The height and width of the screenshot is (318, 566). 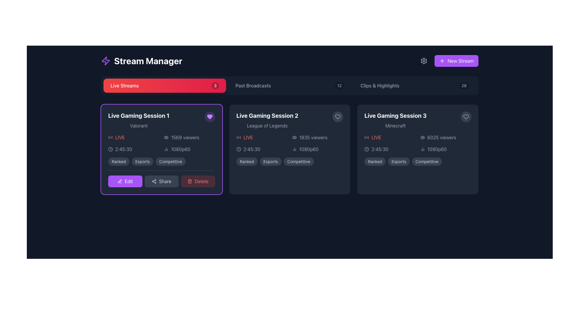 What do you see at coordinates (290, 161) in the screenshot?
I see `the group of static labels or tags styled as pill-shaped buttons located in the bottom section of the card labeled 'Live Gaming Session 2' to read their titles more clearly` at bounding box center [290, 161].